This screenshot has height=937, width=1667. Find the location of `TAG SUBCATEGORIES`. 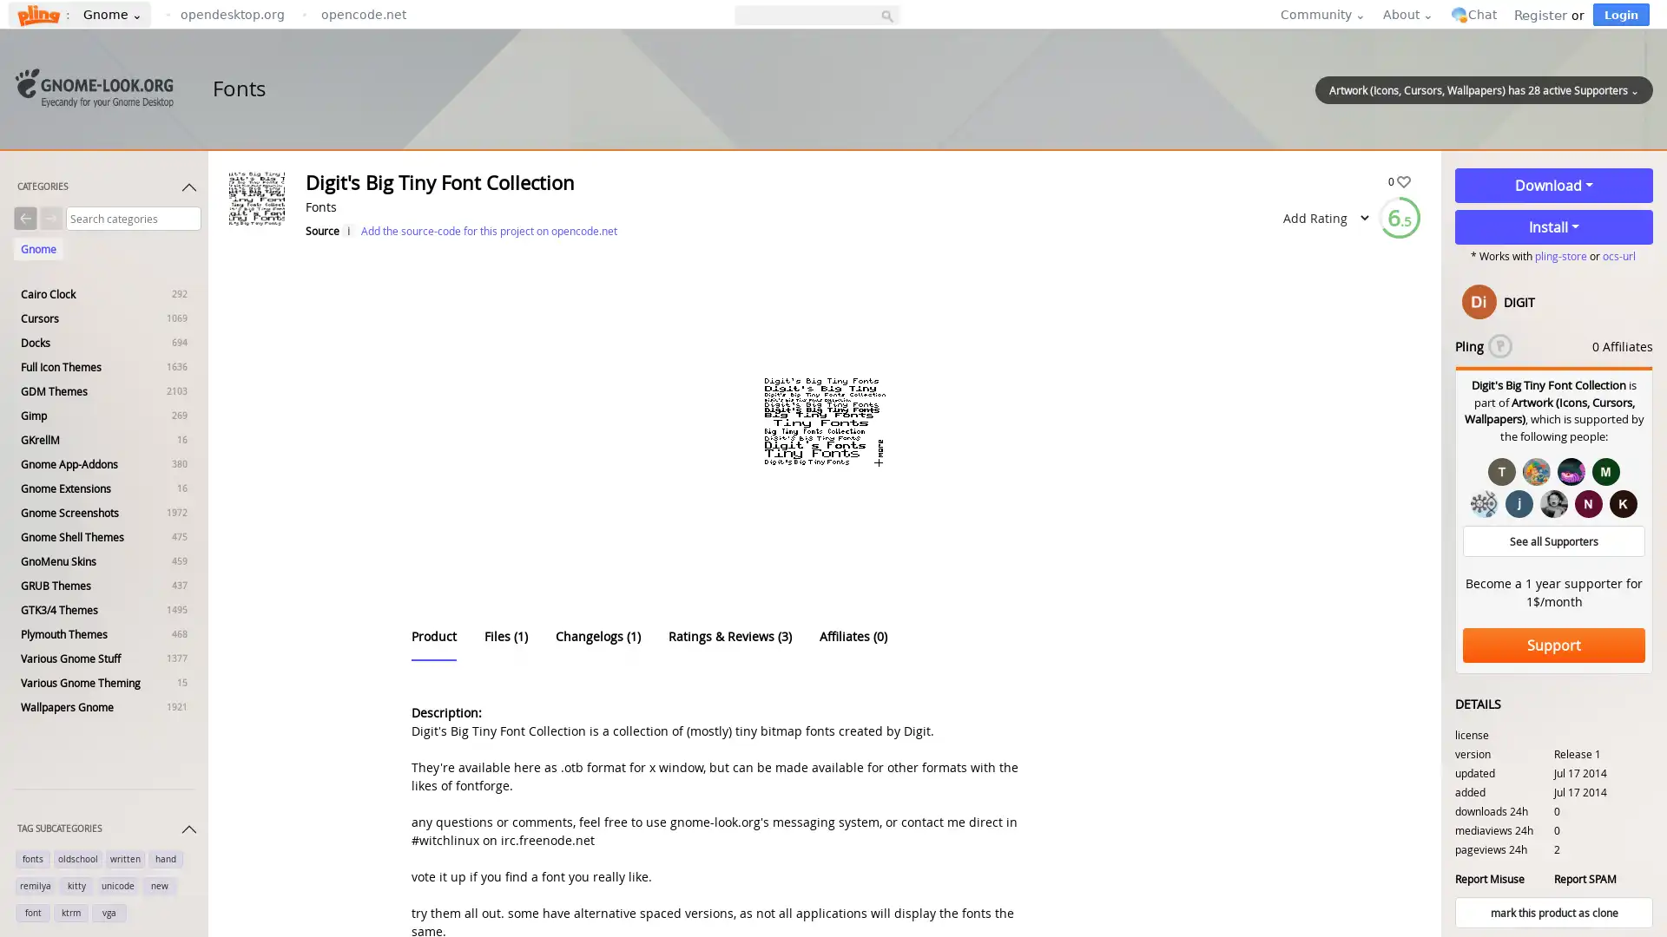

TAG SUBCATEGORIES is located at coordinates (107, 832).